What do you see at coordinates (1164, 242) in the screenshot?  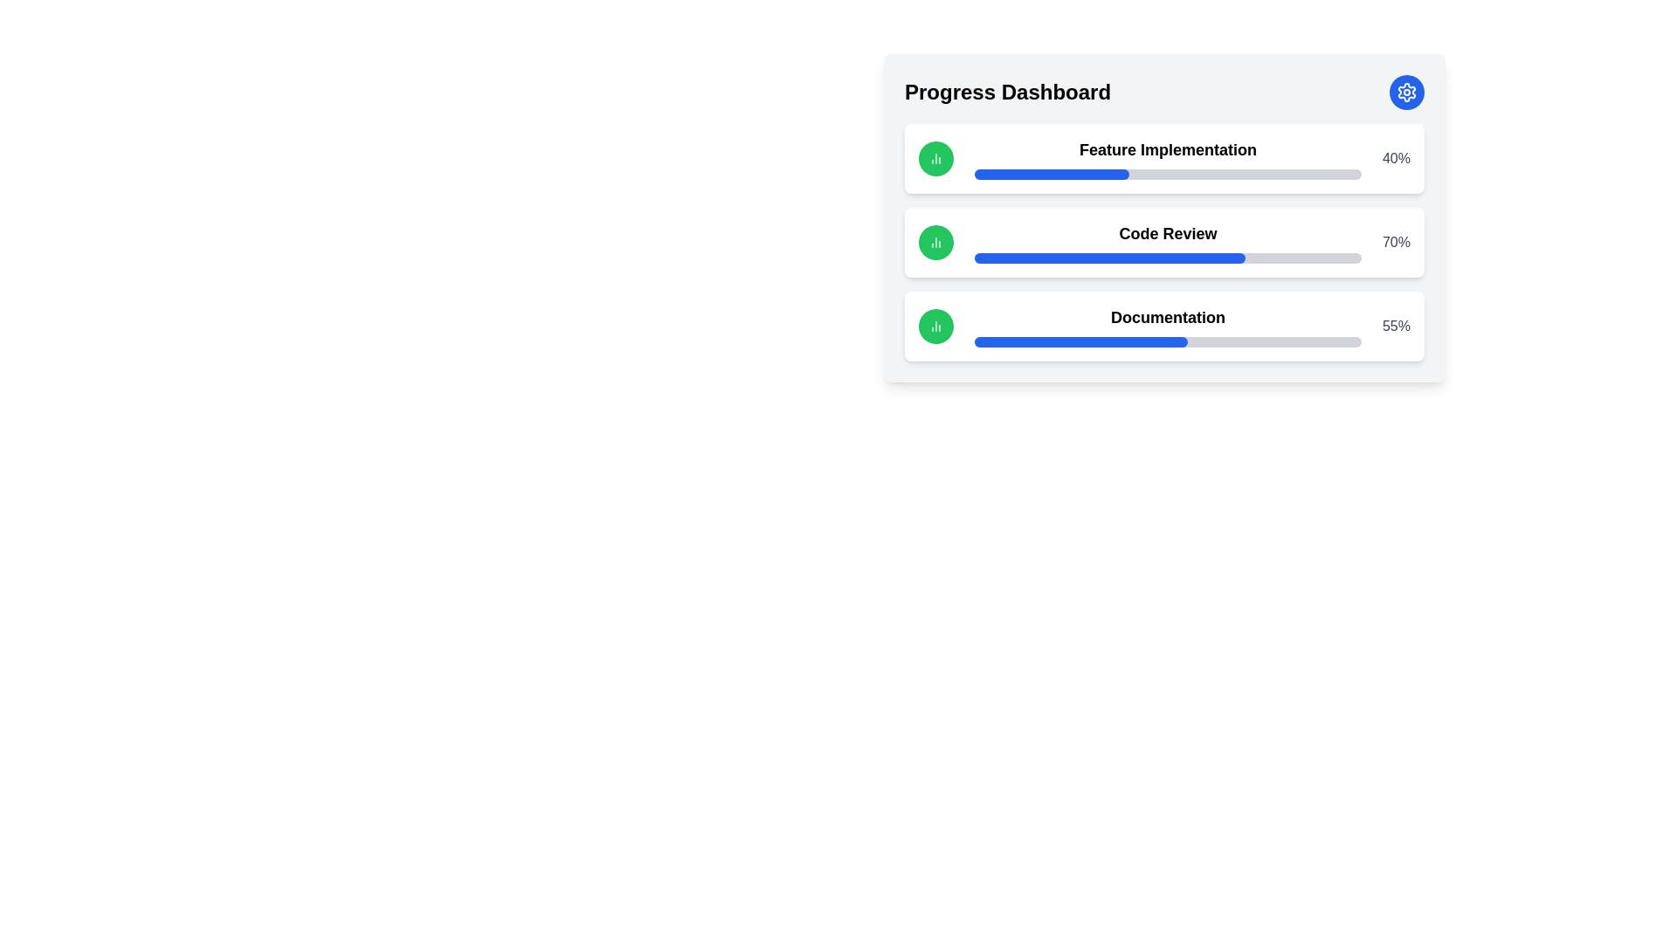 I see `progress percentage displayed in the 'Code Review' progress tracker widget, which shows '70%'` at bounding box center [1164, 242].